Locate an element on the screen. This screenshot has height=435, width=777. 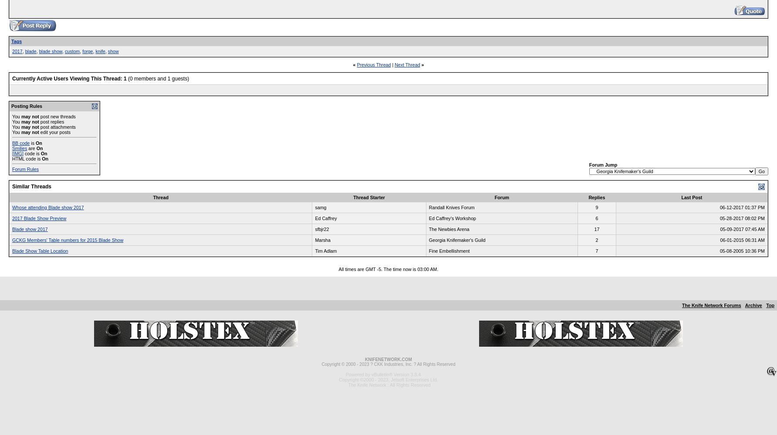
'Ed Caffrey' is located at coordinates (315, 218).